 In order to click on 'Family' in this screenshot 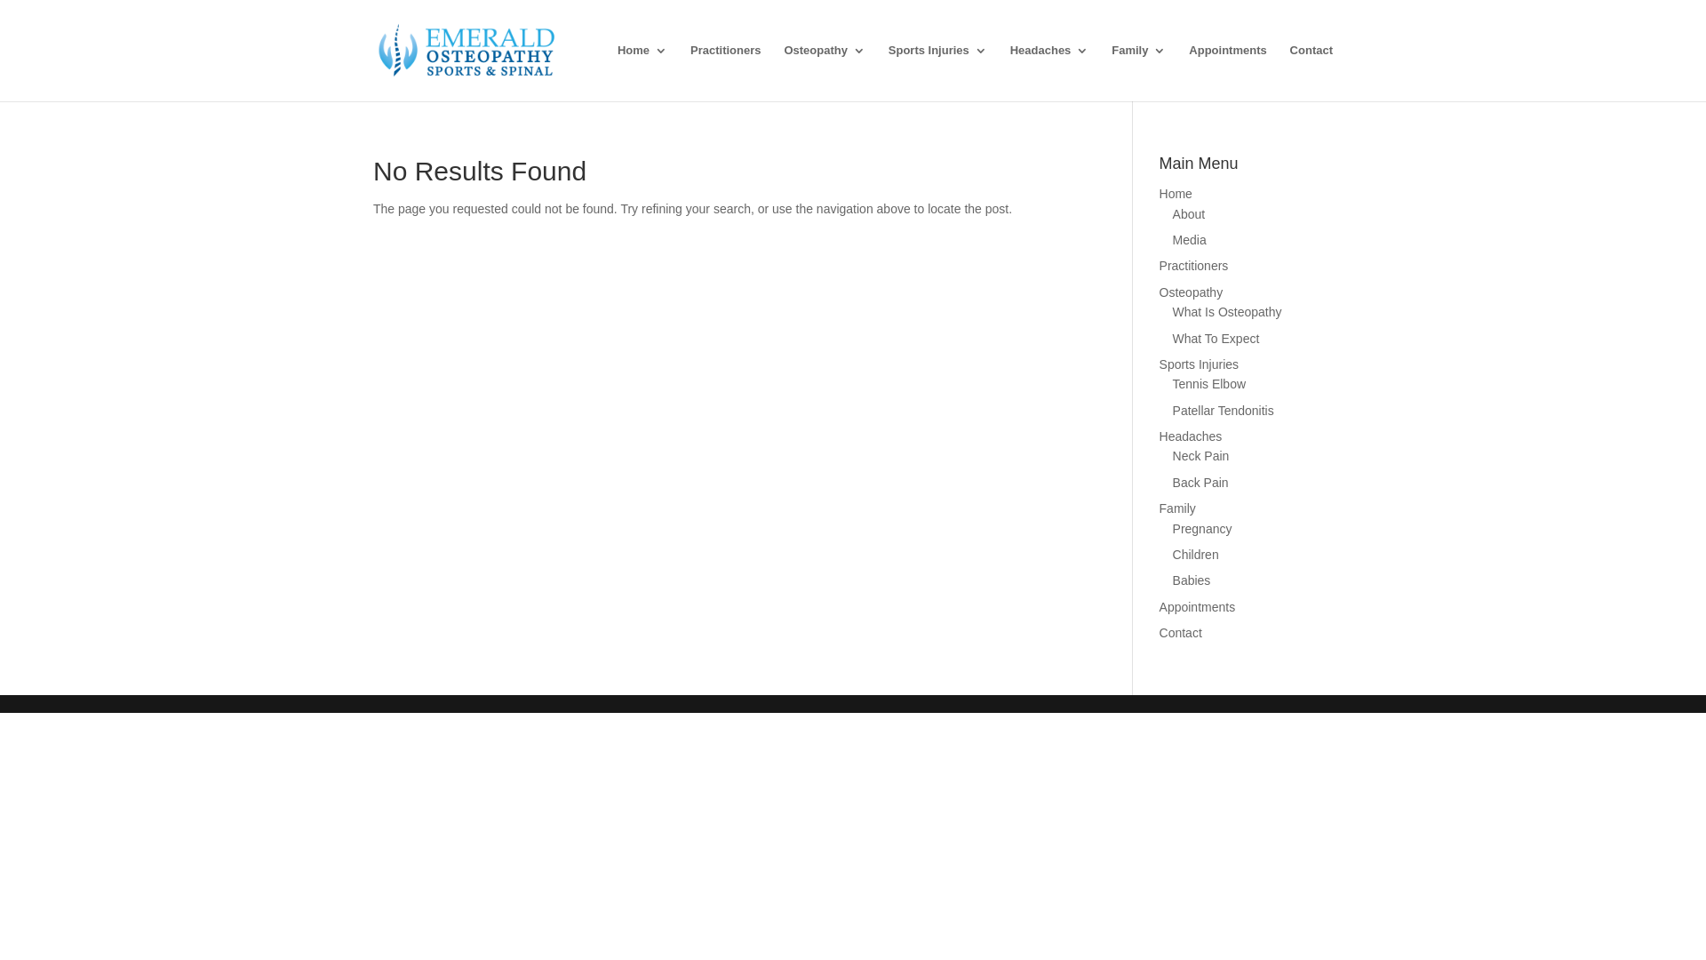, I will do `click(1177, 508)`.